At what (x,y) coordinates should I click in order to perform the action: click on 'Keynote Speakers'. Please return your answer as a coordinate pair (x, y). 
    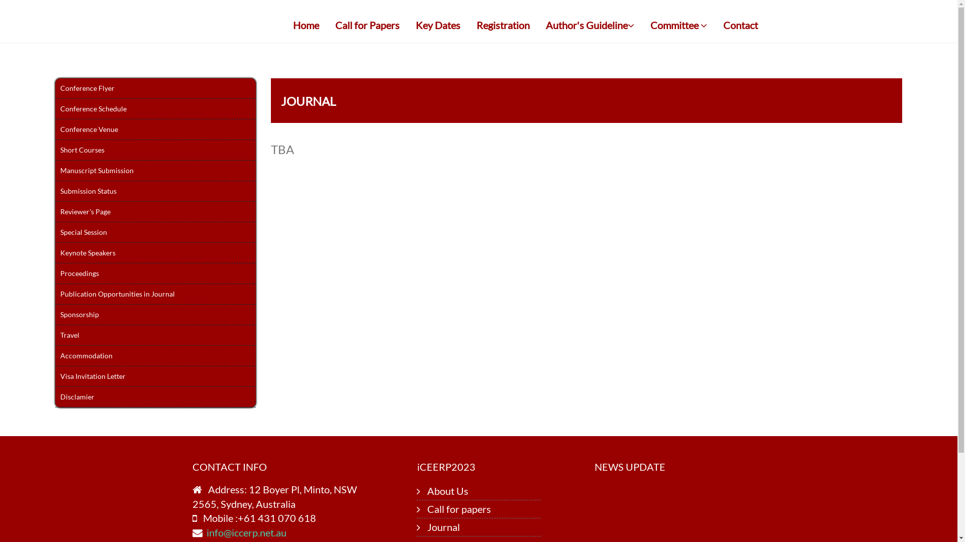
    Looking at the image, I should click on (155, 252).